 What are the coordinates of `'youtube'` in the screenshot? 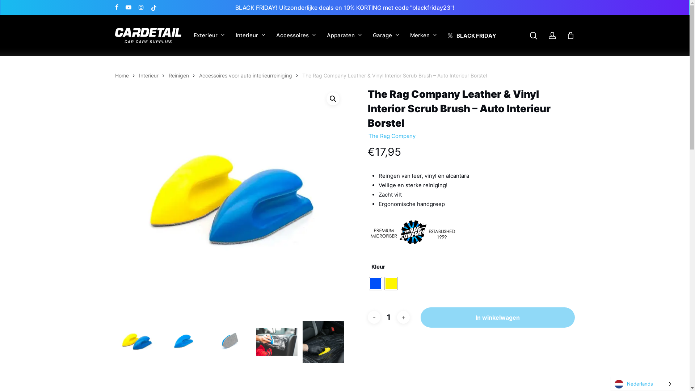 It's located at (128, 7).